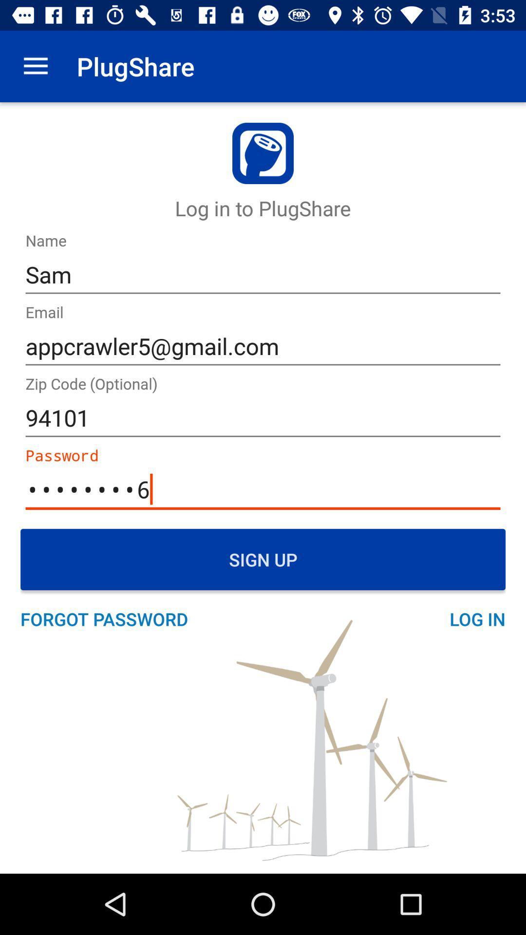  I want to click on sign up button, so click(263, 559).